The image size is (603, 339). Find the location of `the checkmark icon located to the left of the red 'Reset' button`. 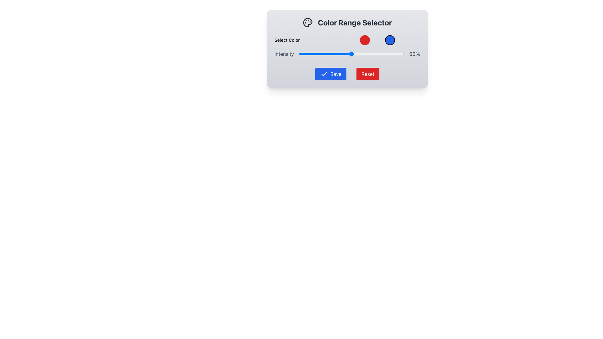

the checkmark icon located to the left of the red 'Reset' button is located at coordinates (324, 73).